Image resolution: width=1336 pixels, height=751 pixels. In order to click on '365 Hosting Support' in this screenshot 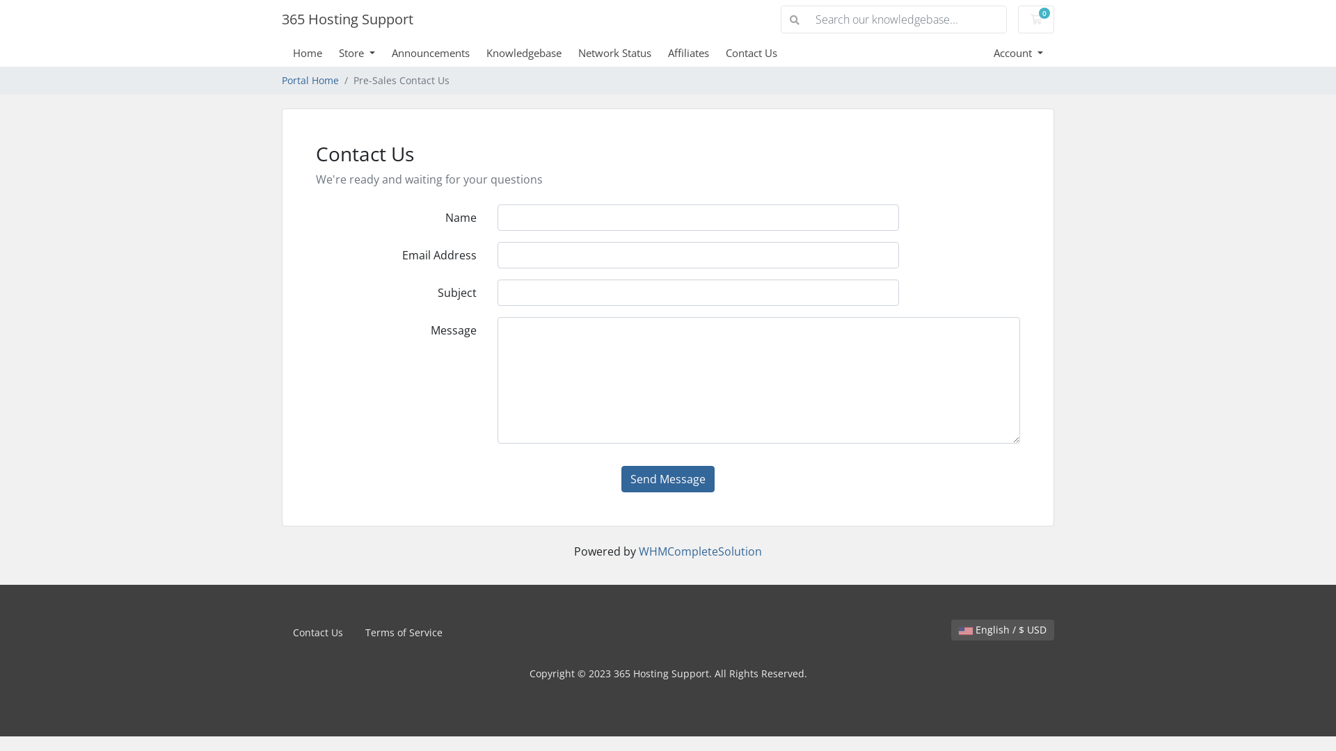, I will do `click(347, 19)`.